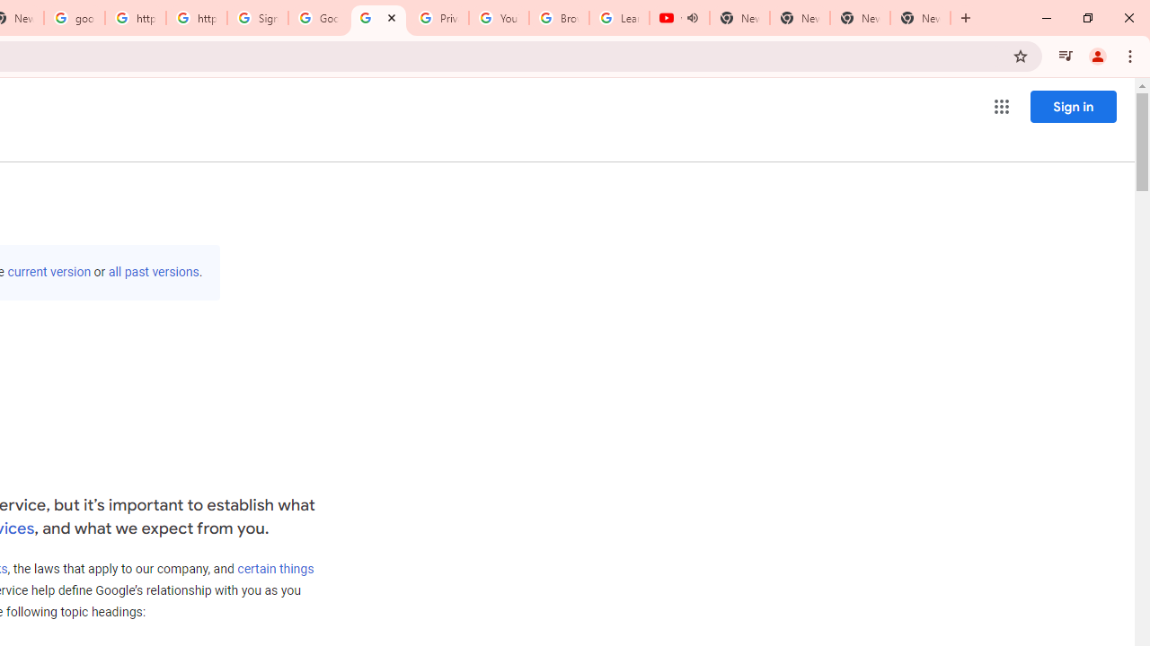  What do you see at coordinates (257, 18) in the screenshot?
I see `'Sign in - Google Accounts'` at bounding box center [257, 18].